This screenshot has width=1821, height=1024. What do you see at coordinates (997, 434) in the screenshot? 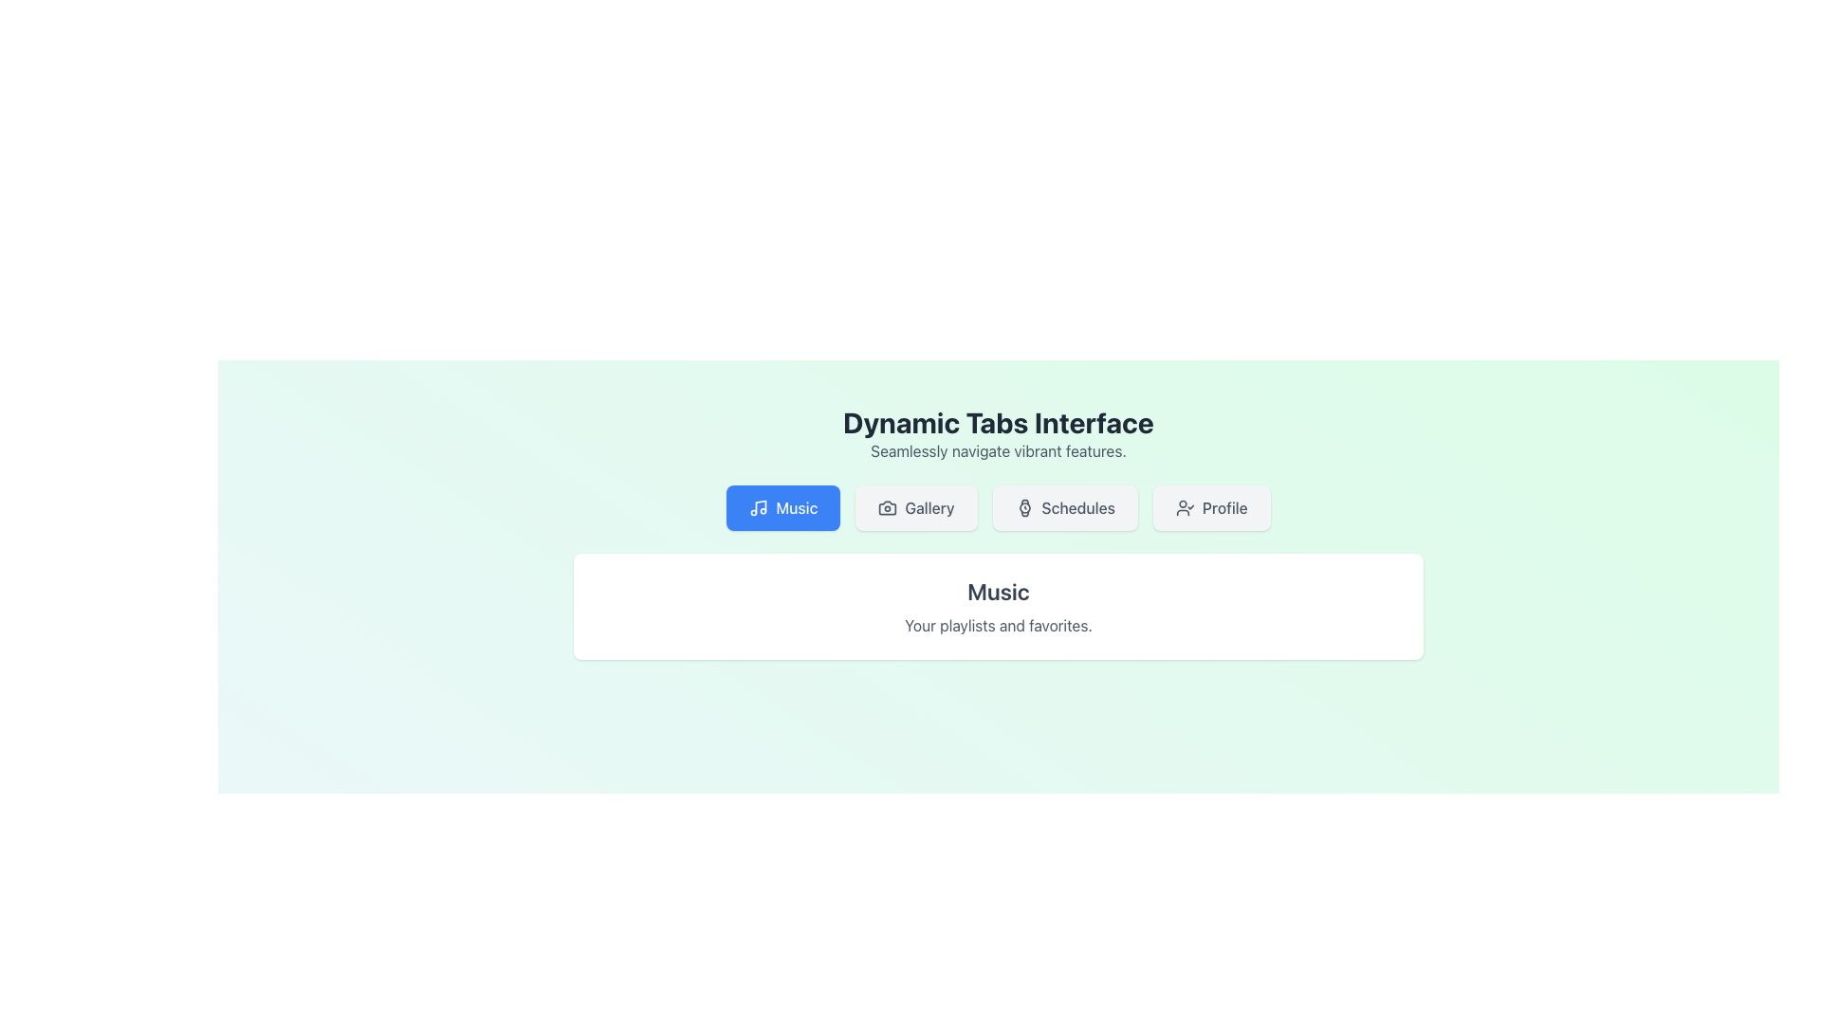
I see `heading text 'Dynamic Tabs Interface' and the subtitle 'Seamlessly navigate vibrant features' located at the top of the interface` at bounding box center [997, 434].